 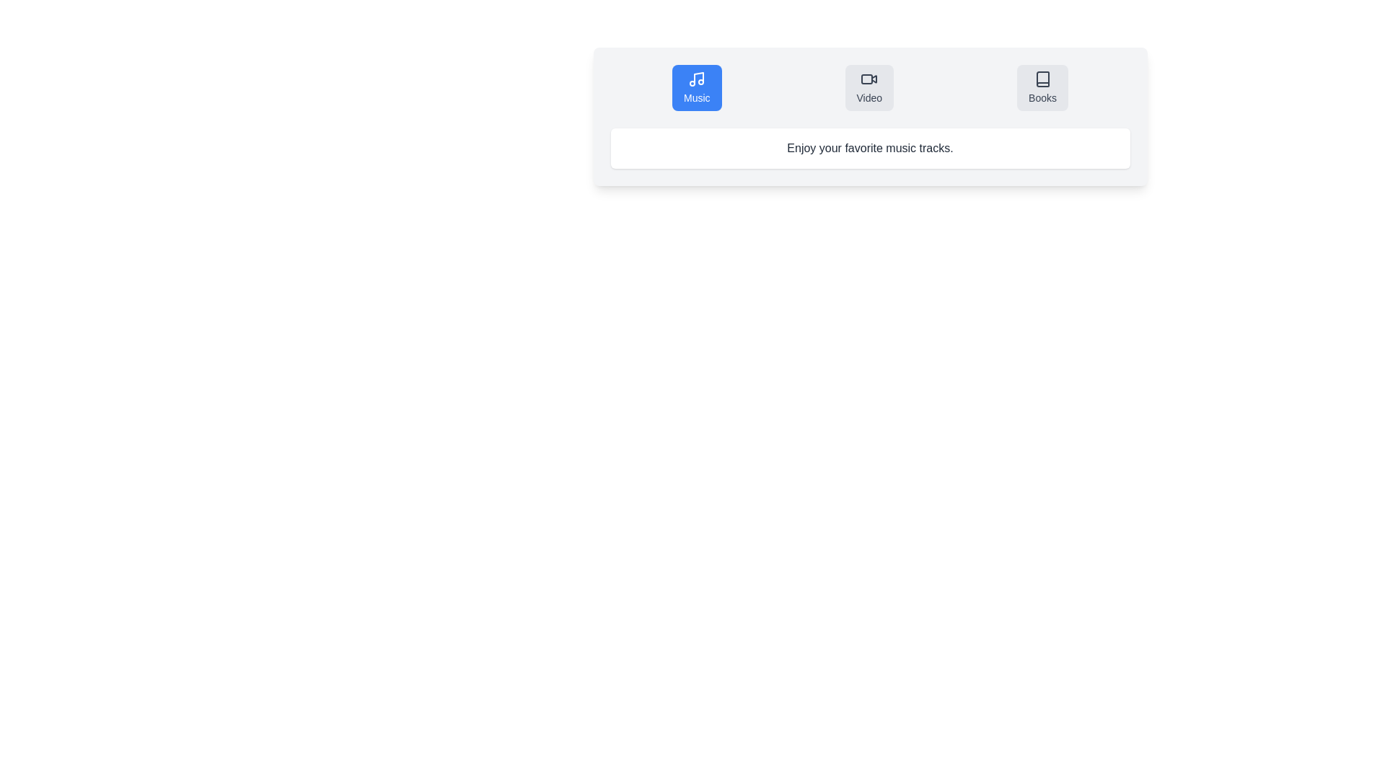 I want to click on the video camera icon within the 'Video' button, so click(x=869, y=79).